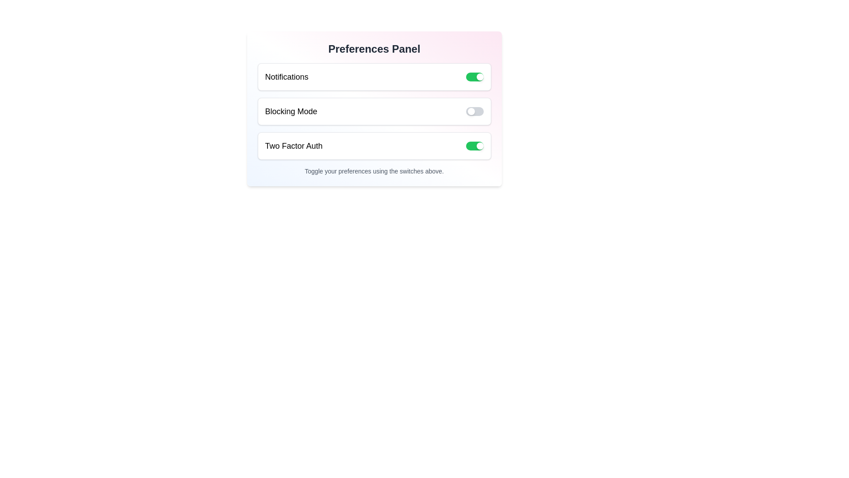 The height and width of the screenshot is (478, 849). What do you see at coordinates (474, 146) in the screenshot?
I see `the 'Two Factor Auth' switch to toggle its state` at bounding box center [474, 146].